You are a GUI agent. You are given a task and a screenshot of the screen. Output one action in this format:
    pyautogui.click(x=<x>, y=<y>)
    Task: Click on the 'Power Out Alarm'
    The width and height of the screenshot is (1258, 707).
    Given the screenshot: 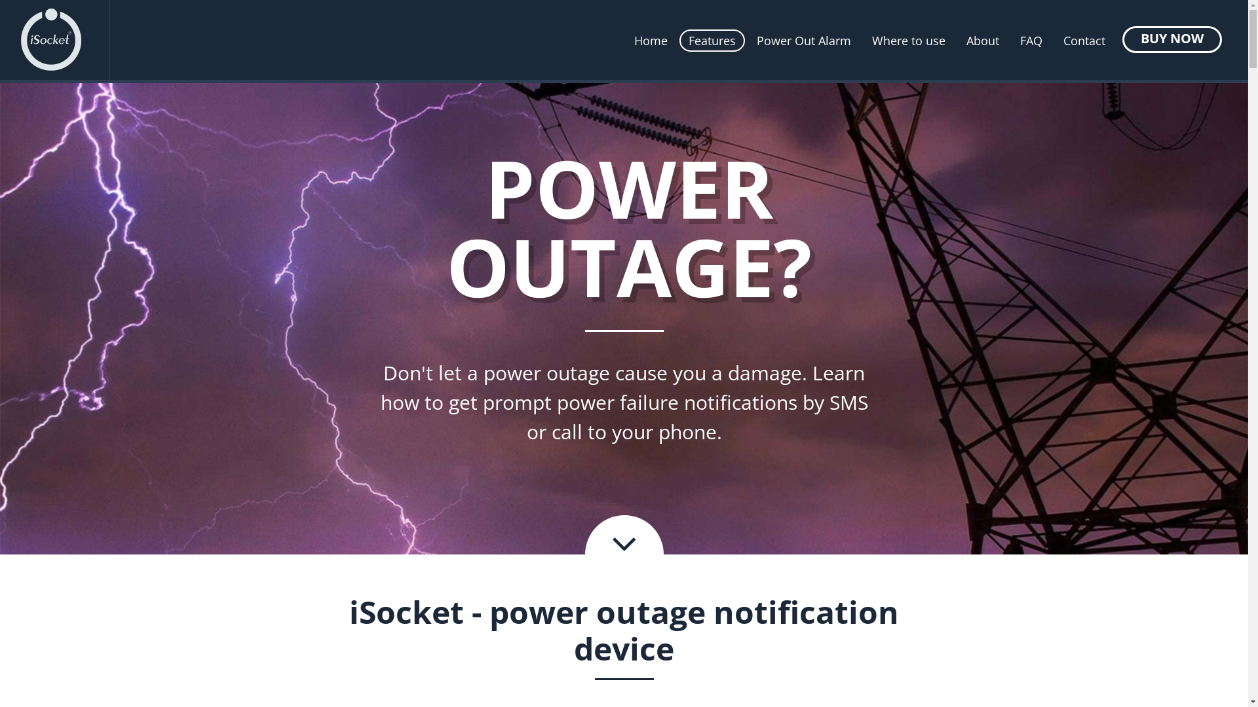 What is the action you would take?
    pyautogui.click(x=748, y=39)
    